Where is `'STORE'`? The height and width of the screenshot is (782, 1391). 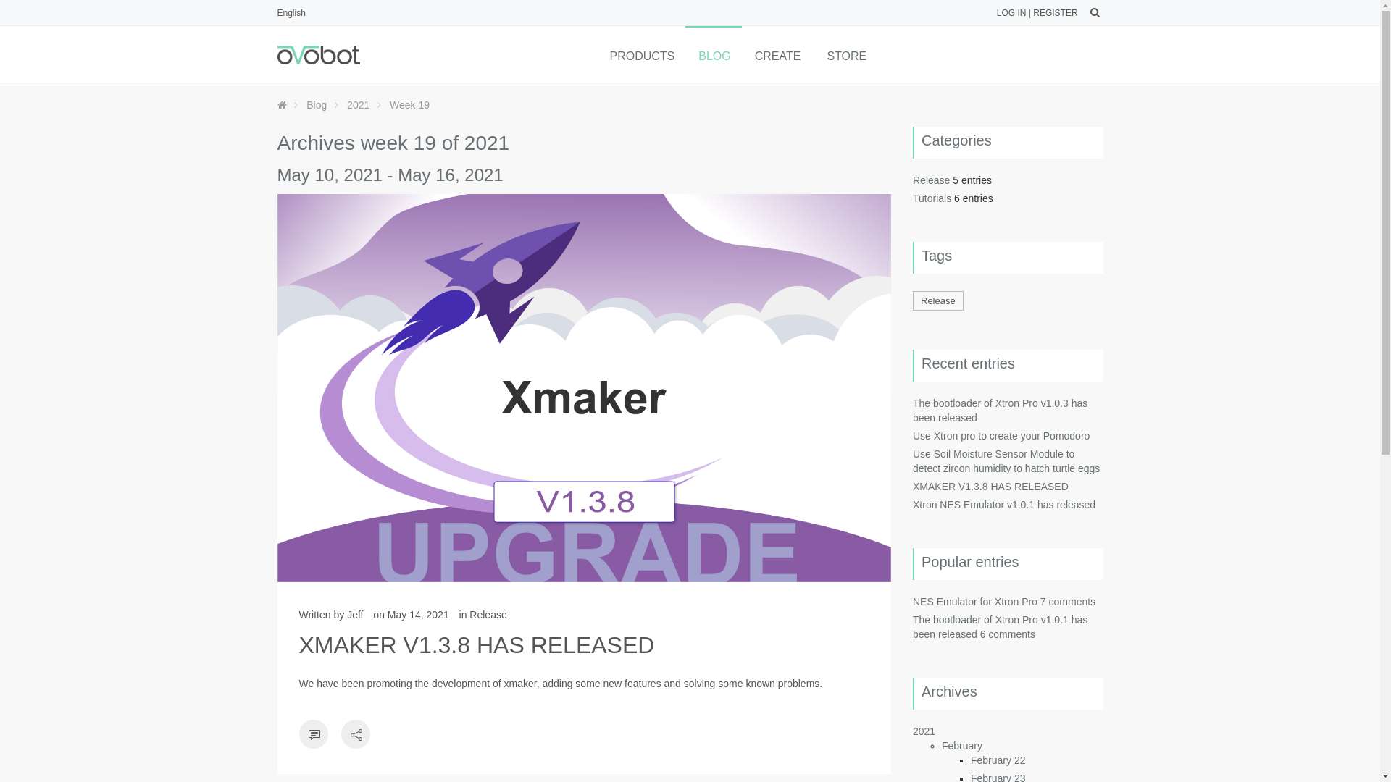 'STORE' is located at coordinates (845, 53).